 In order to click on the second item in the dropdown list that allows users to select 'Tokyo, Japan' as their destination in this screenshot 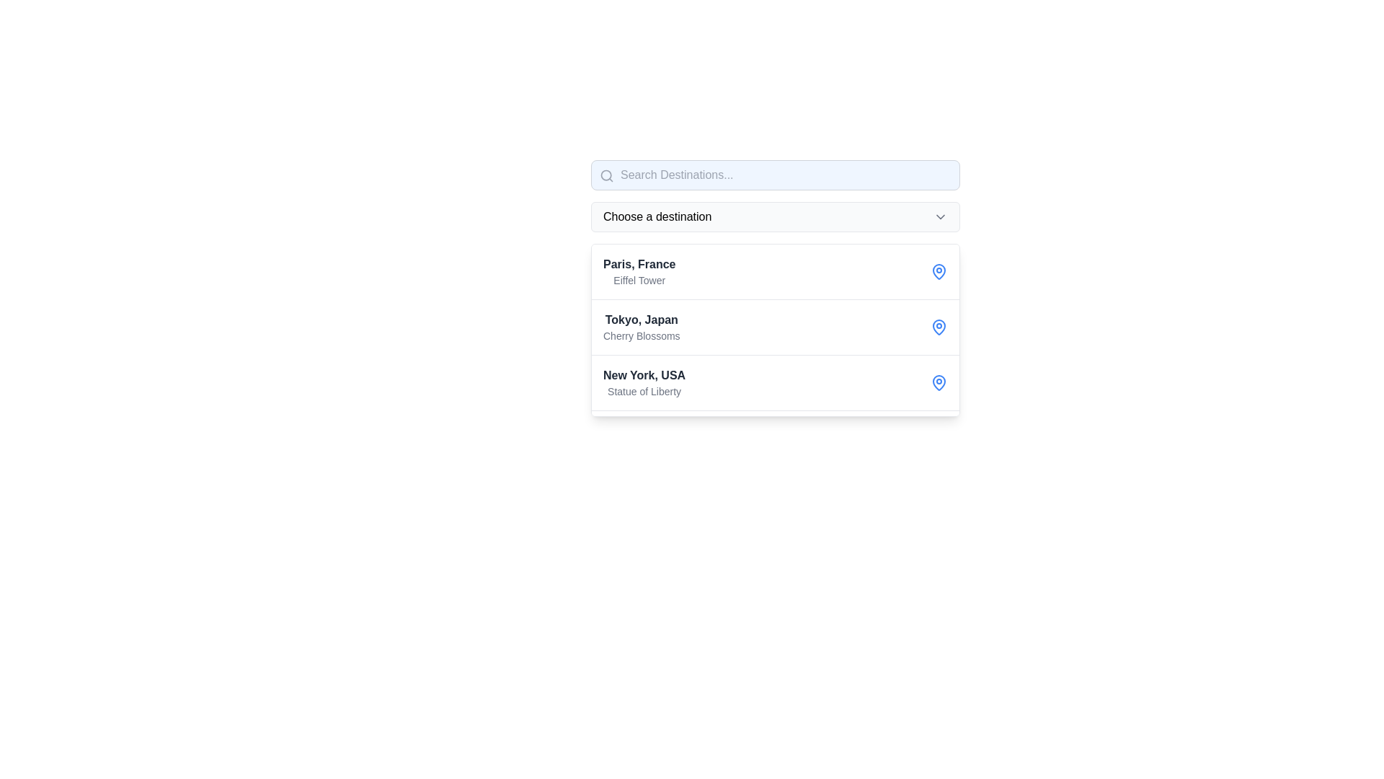, I will do `click(774, 327)`.